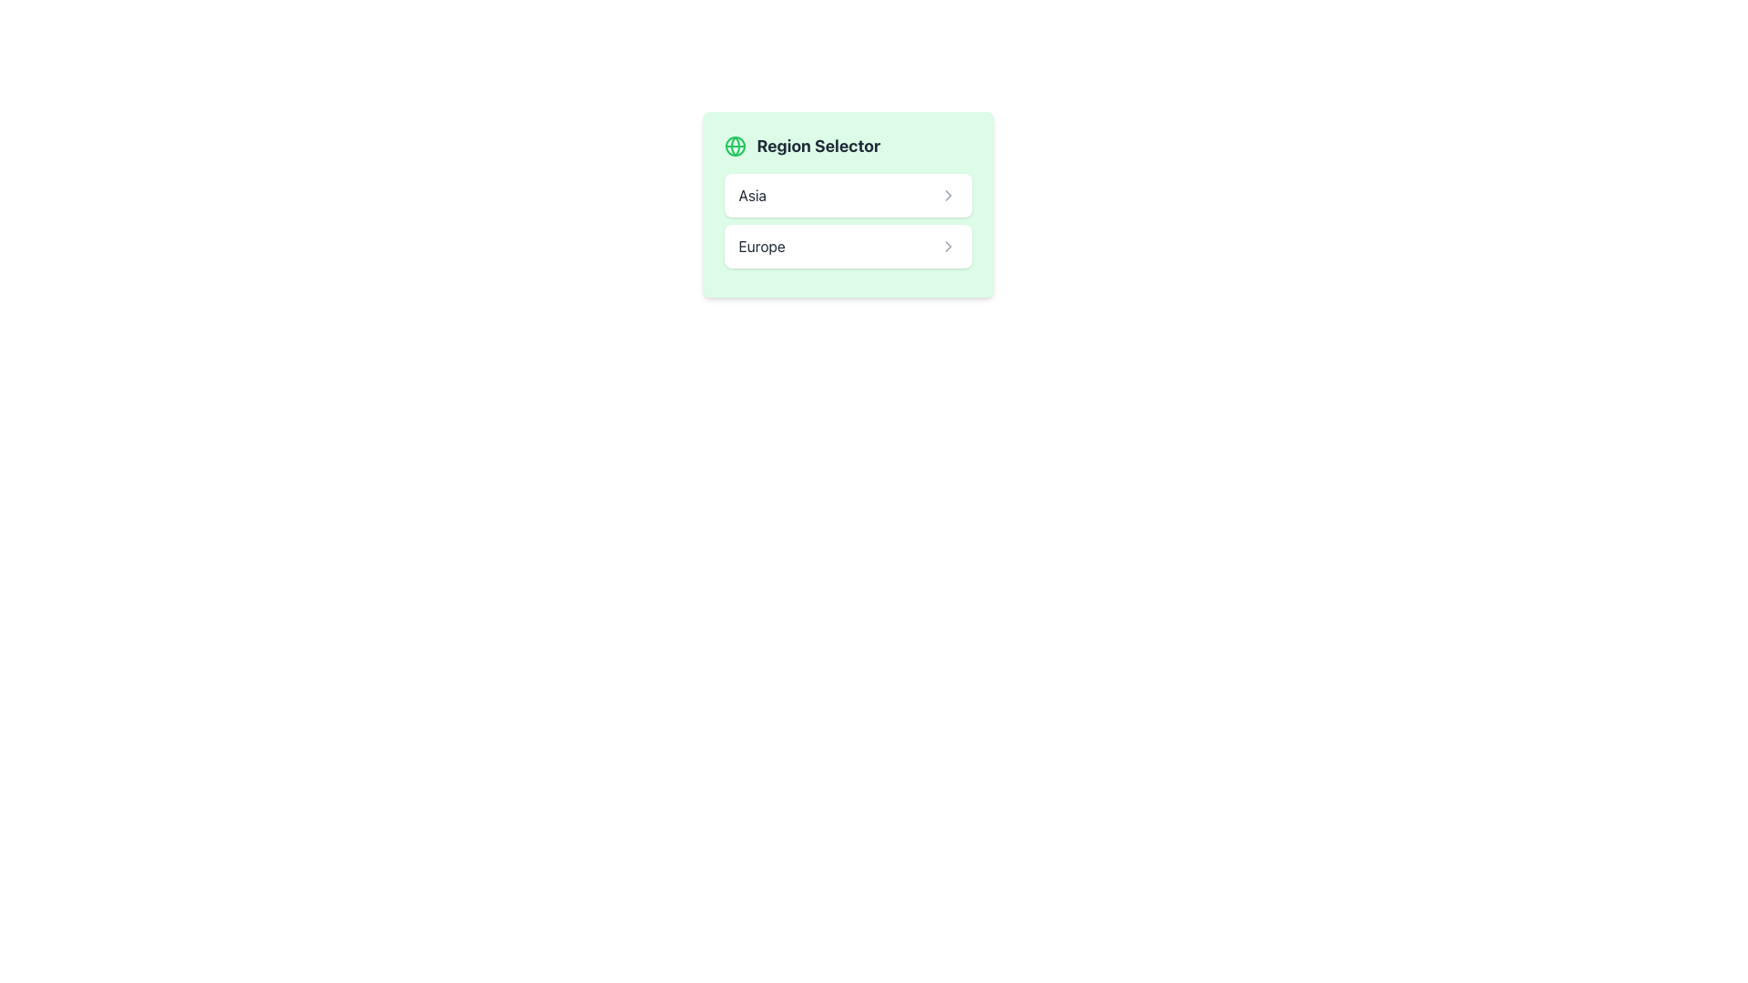 This screenshot has width=1748, height=983. What do you see at coordinates (847, 246) in the screenshot?
I see `the 'Europe' button located below the 'Asia' button in the region configuration list` at bounding box center [847, 246].